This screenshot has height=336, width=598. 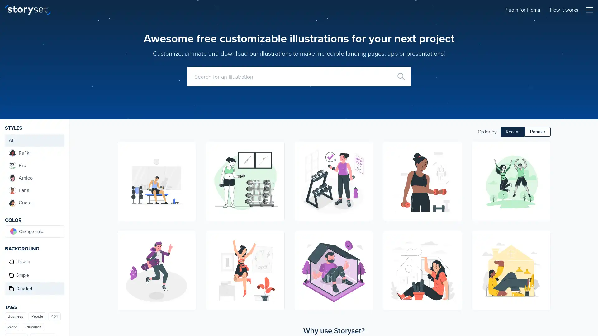 What do you see at coordinates (542, 249) in the screenshot?
I see `download icon Download` at bounding box center [542, 249].